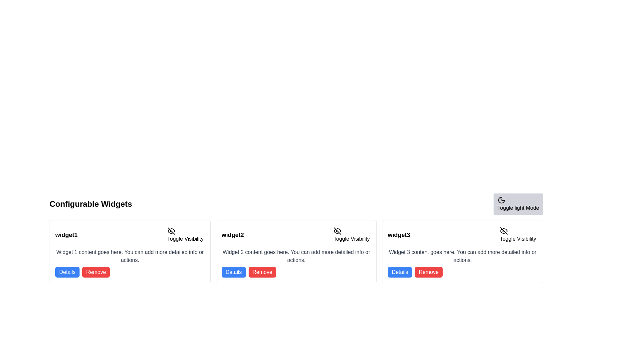 This screenshot has width=639, height=359. I want to click on the eye-shaped icon with a diagonal slash, located in the upper-right corner of 'widget2', next to 'Toggle Visibility', so click(337, 230).